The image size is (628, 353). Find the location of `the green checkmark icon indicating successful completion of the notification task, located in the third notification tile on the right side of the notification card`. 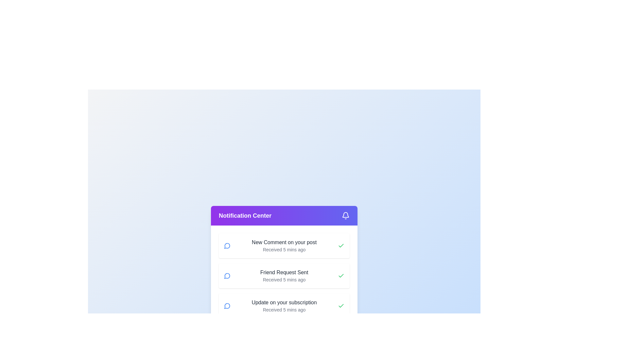

the green checkmark icon indicating successful completion of the notification task, located in the third notification tile on the right side of the notification card is located at coordinates (340, 276).